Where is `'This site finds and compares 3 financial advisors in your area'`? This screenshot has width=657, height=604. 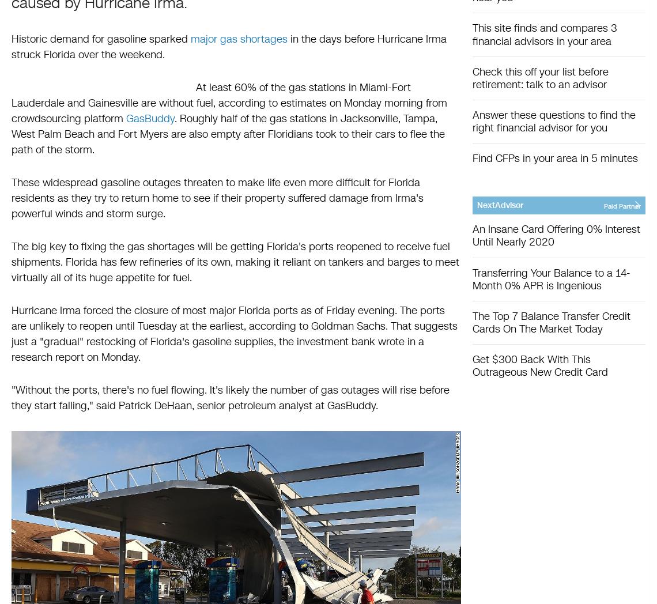
'This site finds and compares 3 financial advisors in your area' is located at coordinates (544, 35).